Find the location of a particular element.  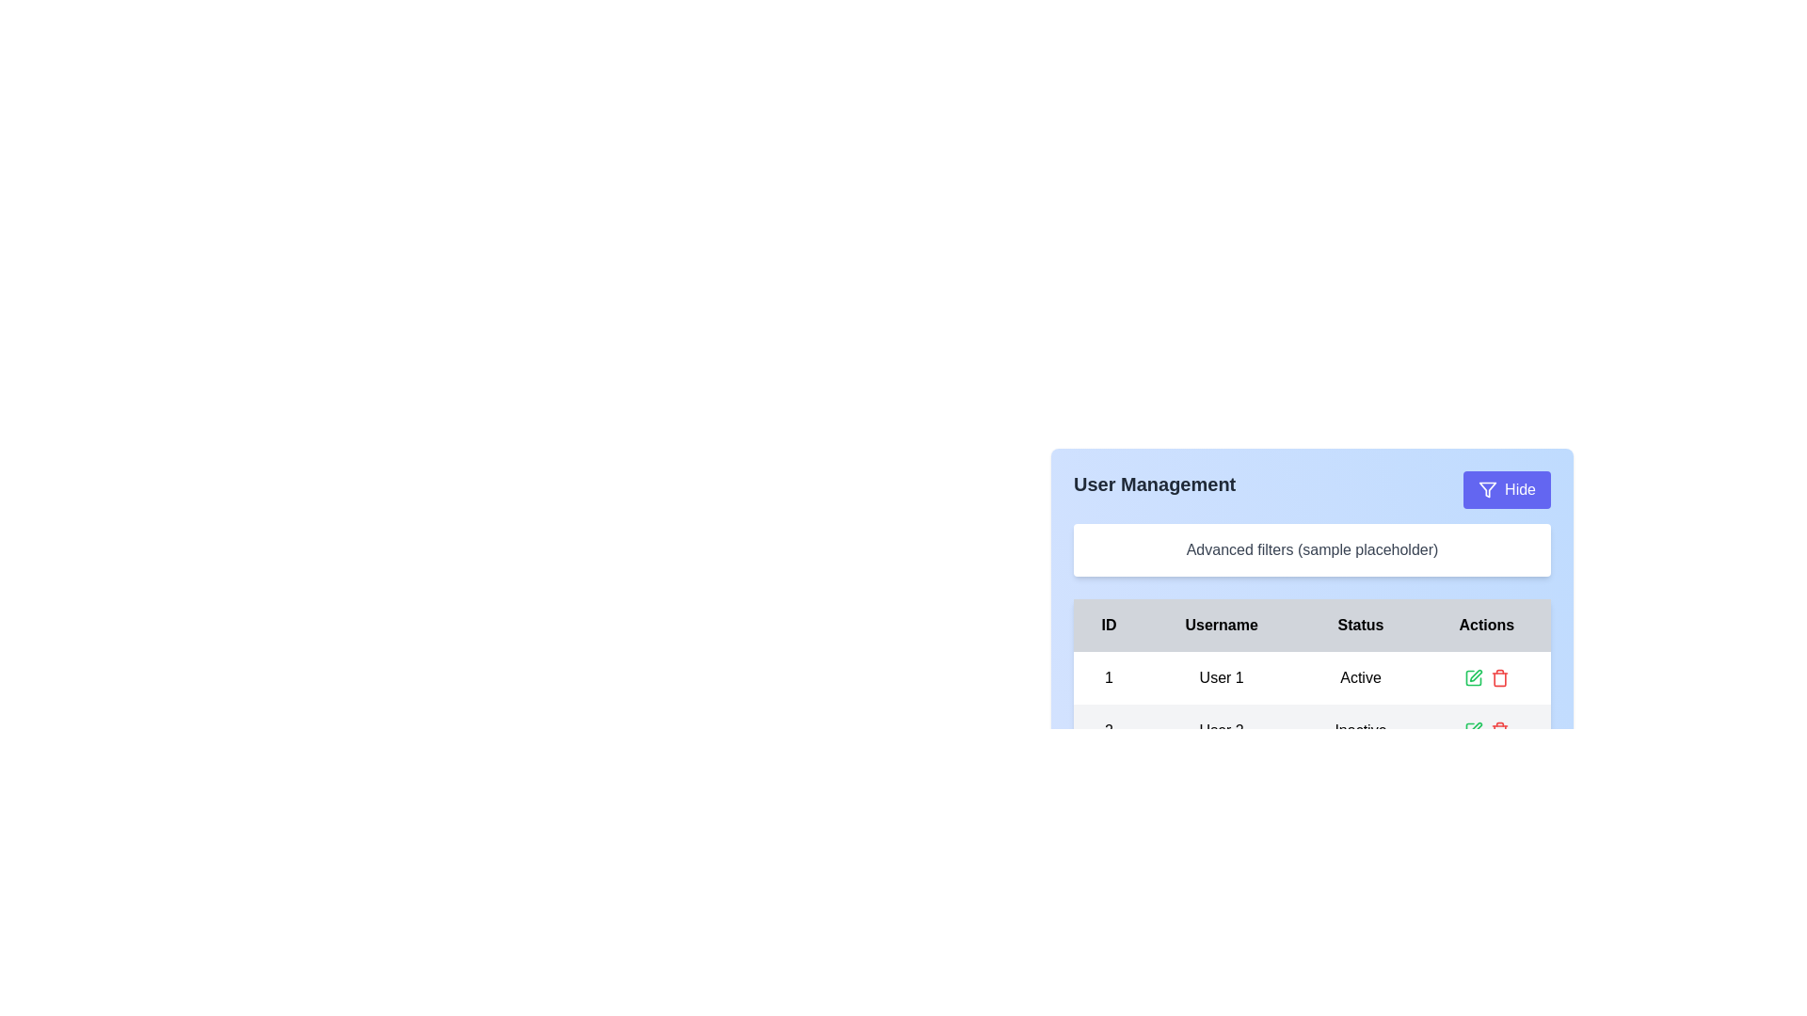

the Text Label displaying 'User 2' in the 'Username' column of the table is located at coordinates (1222, 729).